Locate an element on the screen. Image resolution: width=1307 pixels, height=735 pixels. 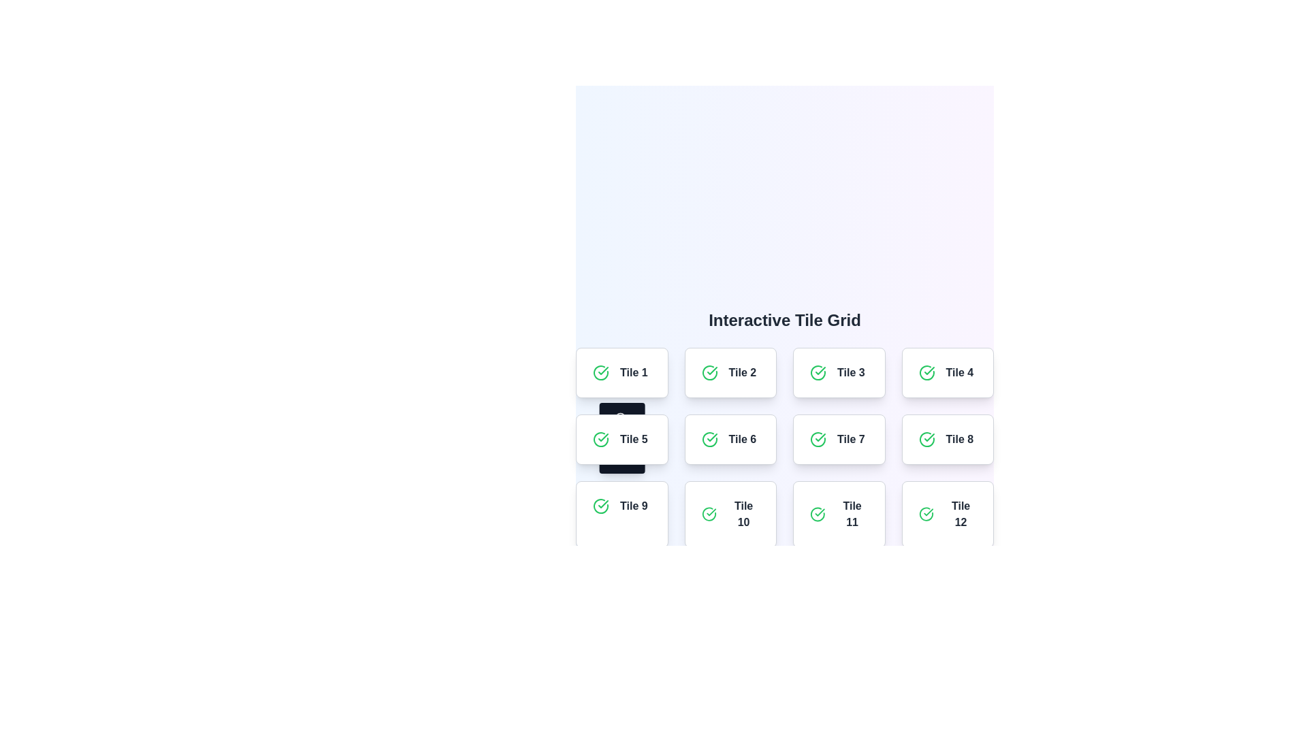
the Grouped component consisting of a green checkmark icon and the bold text 'Tile 8', located in the second row, fourth tile from the left is located at coordinates (947, 439).